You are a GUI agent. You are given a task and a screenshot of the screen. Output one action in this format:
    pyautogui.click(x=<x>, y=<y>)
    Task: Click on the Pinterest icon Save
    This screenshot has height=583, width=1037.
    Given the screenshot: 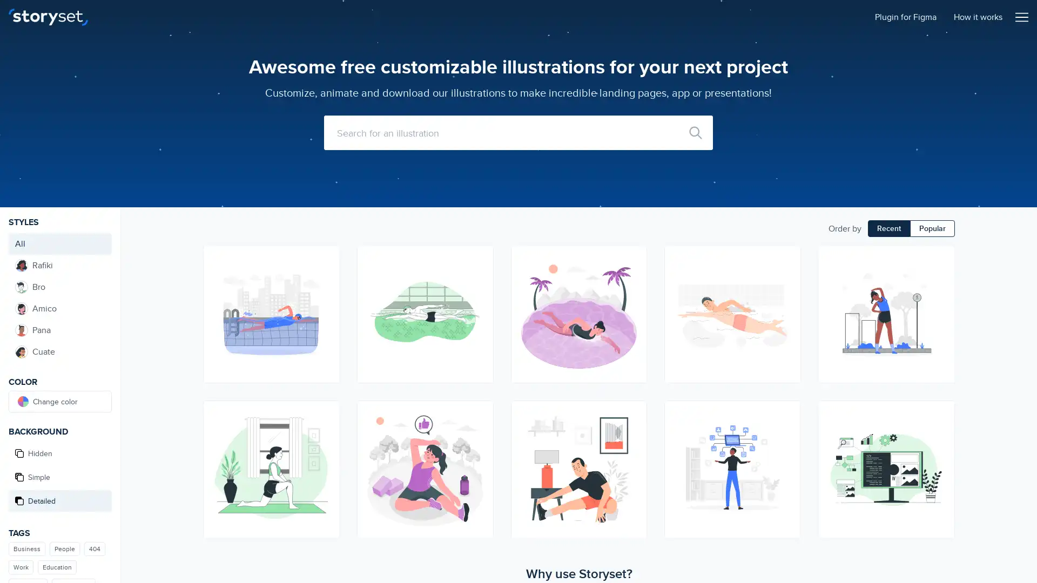 What is the action you would take?
    pyautogui.click(x=479, y=452)
    